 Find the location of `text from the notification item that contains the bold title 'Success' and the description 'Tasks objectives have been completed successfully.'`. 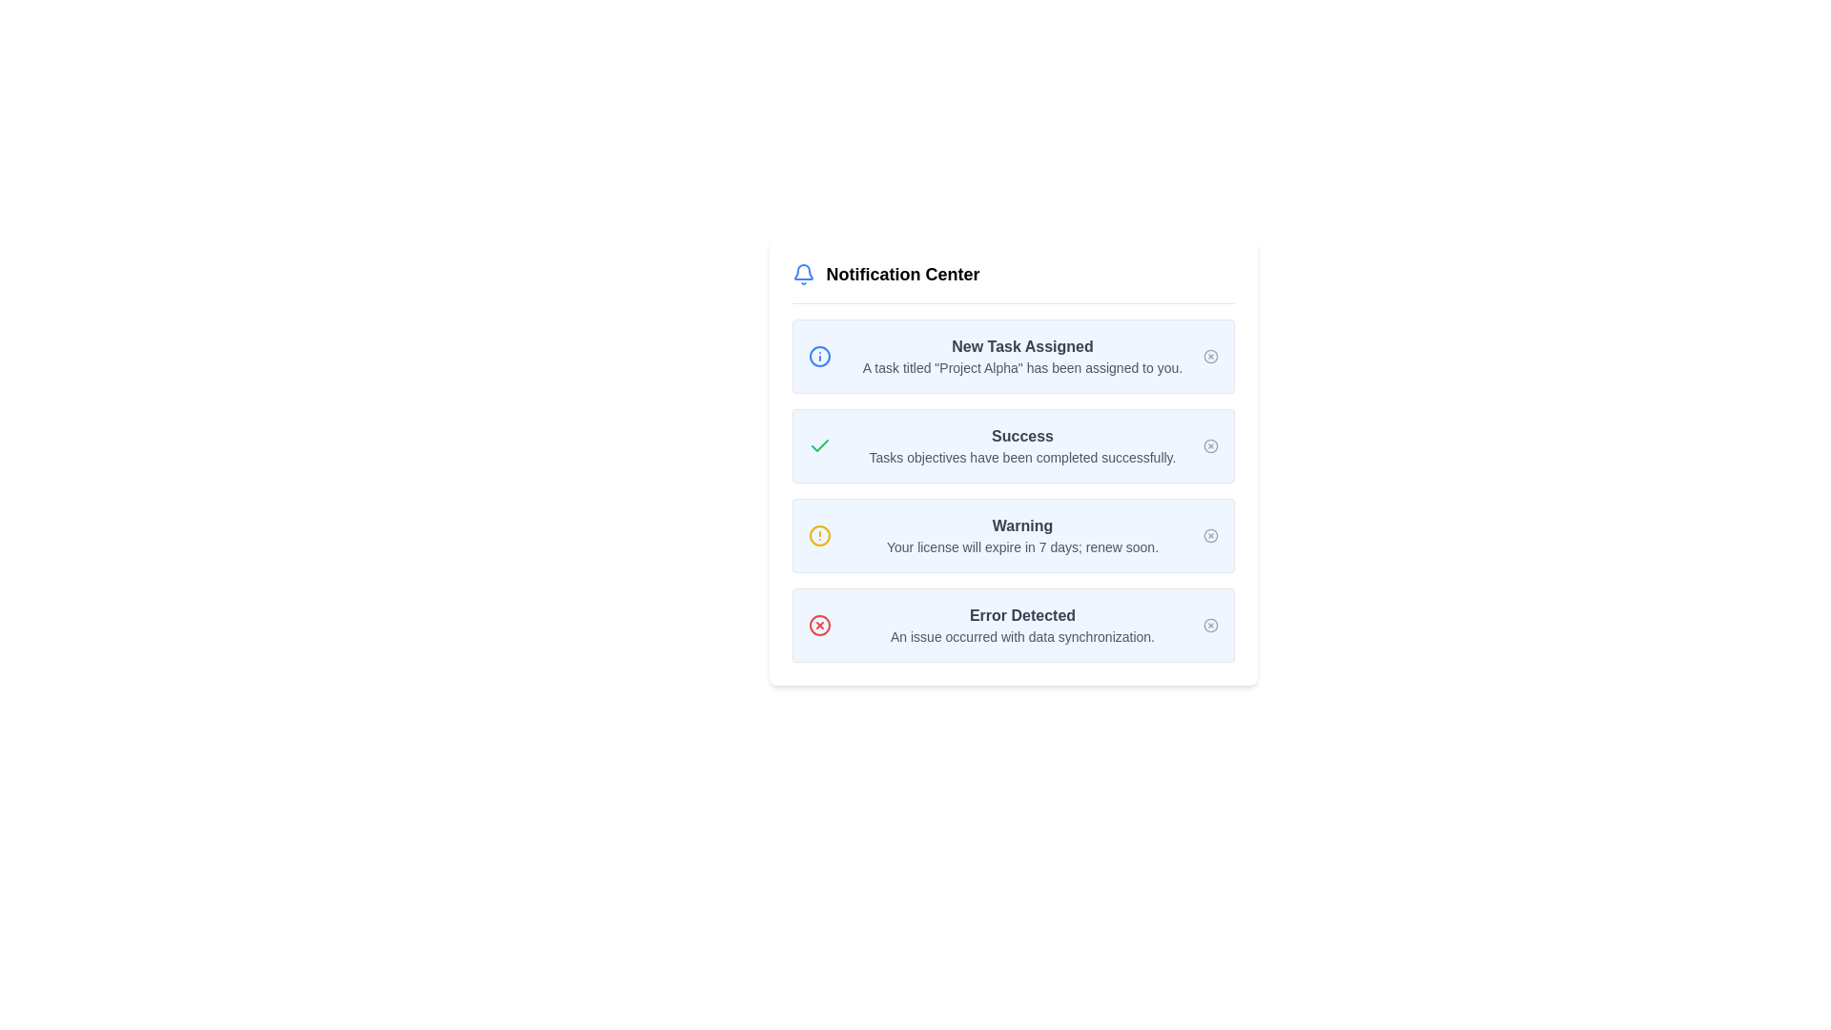

text from the notification item that contains the bold title 'Success' and the description 'Tasks objectives have been completed successfully.' is located at coordinates (1021, 445).